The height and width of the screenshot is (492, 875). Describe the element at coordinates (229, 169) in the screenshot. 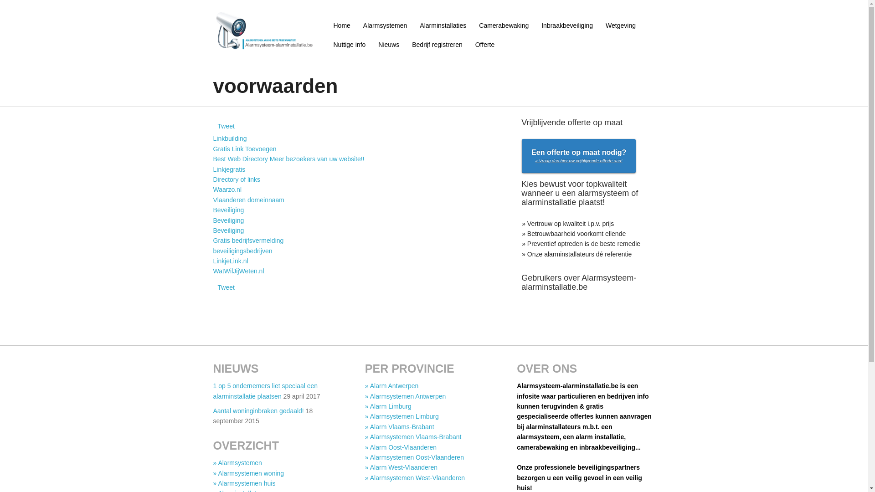

I see `'Linkjegratis'` at that location.